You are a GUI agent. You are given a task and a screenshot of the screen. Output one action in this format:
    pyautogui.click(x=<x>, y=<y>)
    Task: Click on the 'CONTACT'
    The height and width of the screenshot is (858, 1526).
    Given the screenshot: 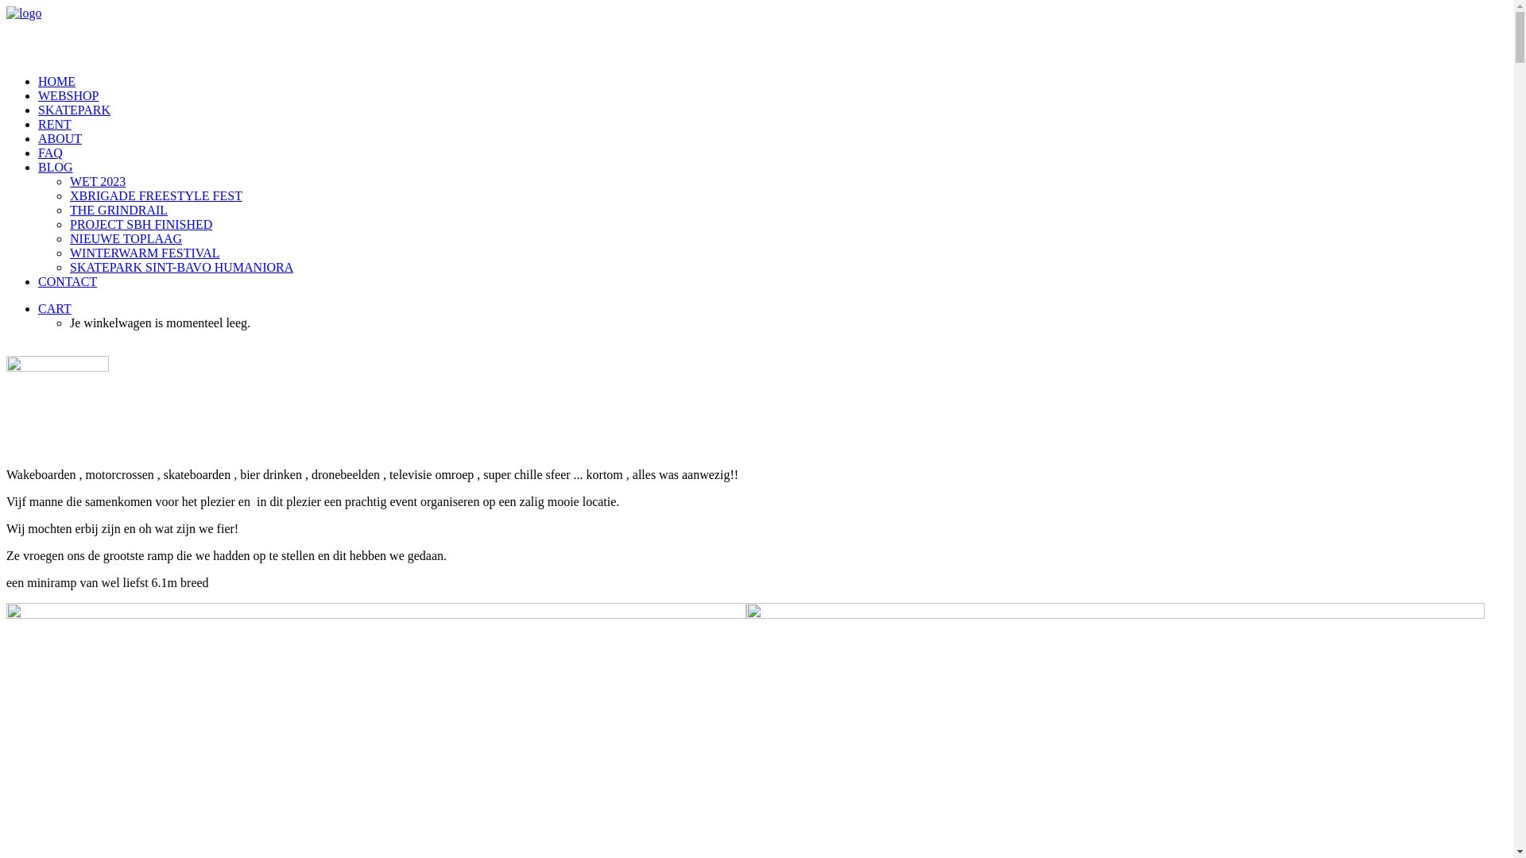 What is the action you would take?
    pyautogui.click(x=67, y=280)
    